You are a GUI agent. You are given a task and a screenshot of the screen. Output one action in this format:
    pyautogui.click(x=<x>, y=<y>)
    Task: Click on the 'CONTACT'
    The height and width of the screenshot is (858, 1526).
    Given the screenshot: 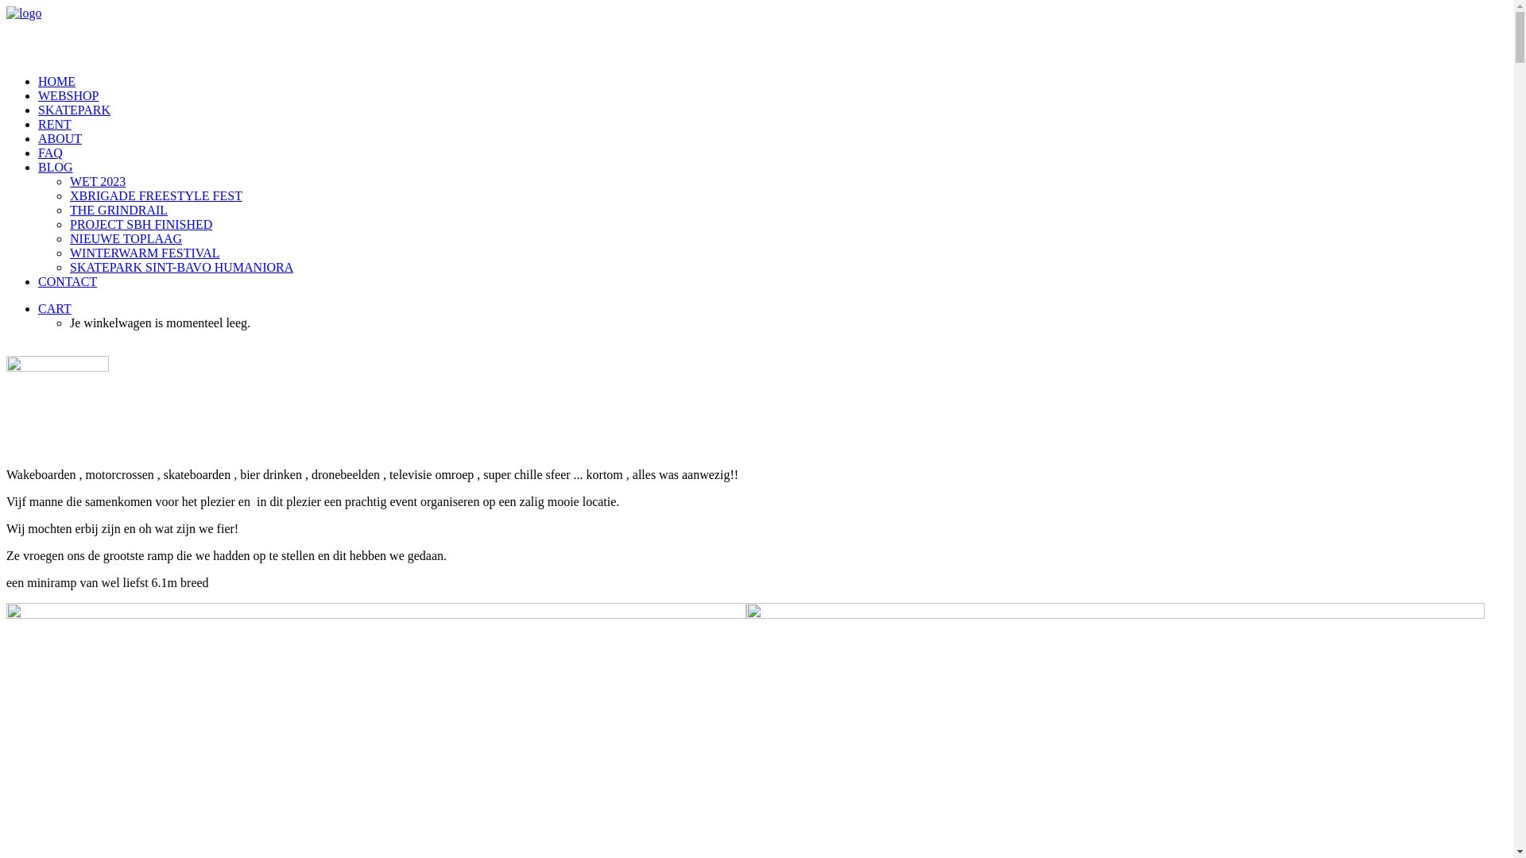 What is the action you would take?
    pyautogui.click(x=67, y=280)
    